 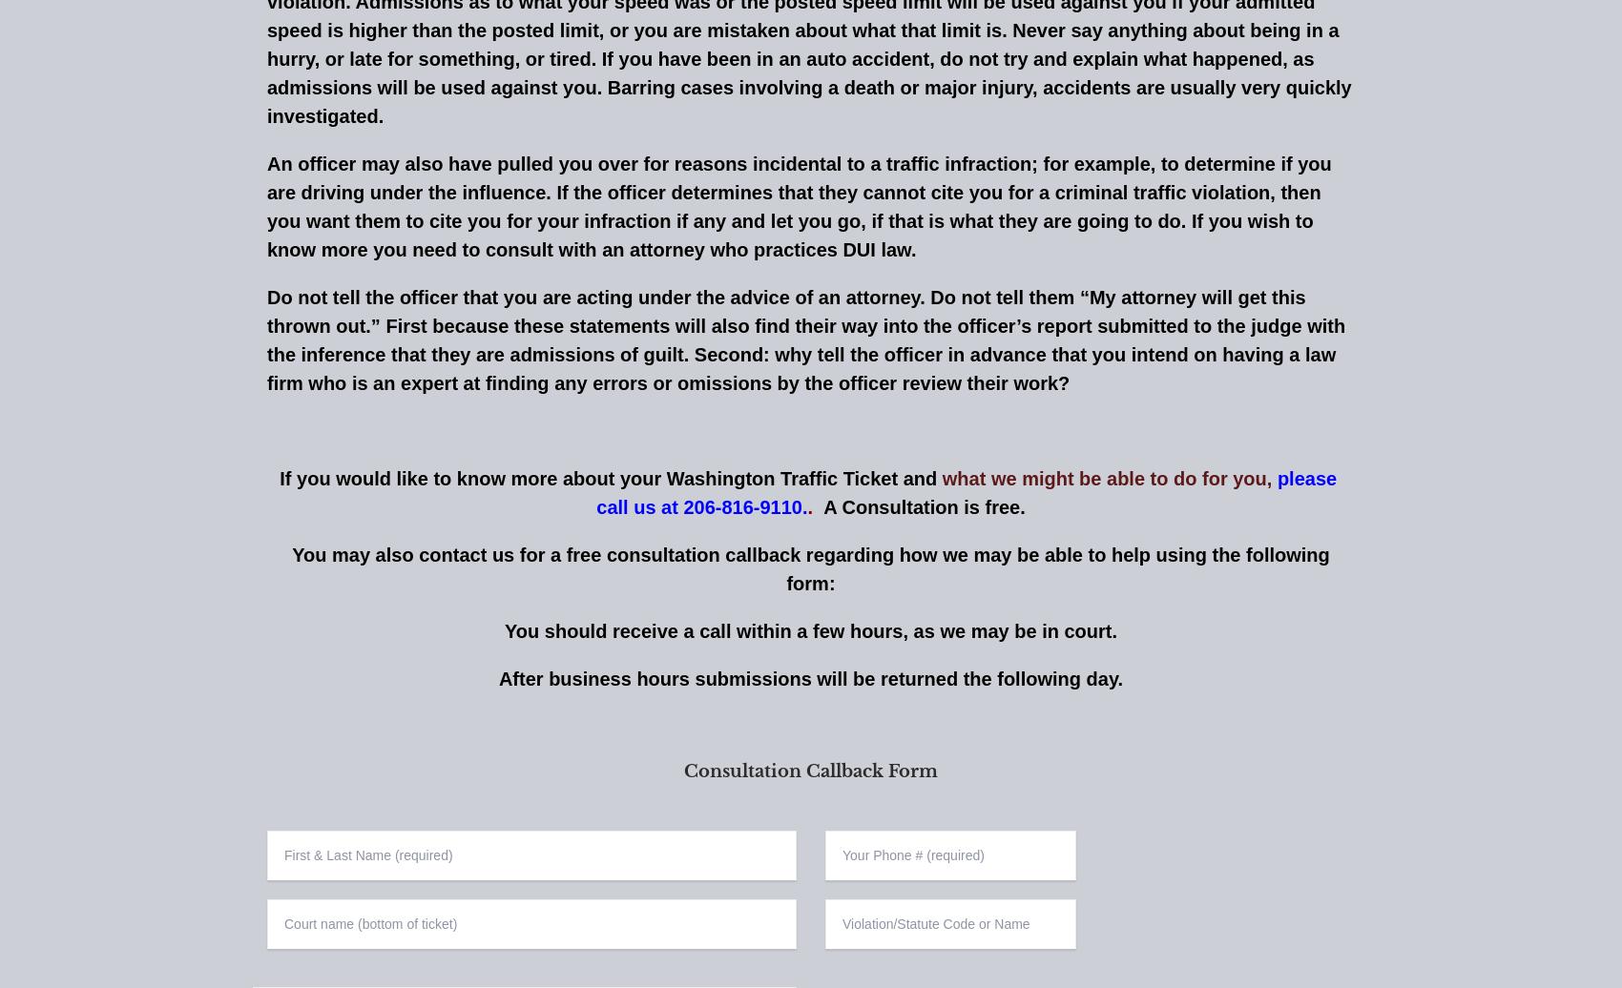 What do you see at coordinates (809, 568) in the screenshot?
I see `'You may also contact us for a free consultation callback regarding how we may be able to help using the following form:'` at bounding box center [809, 568].